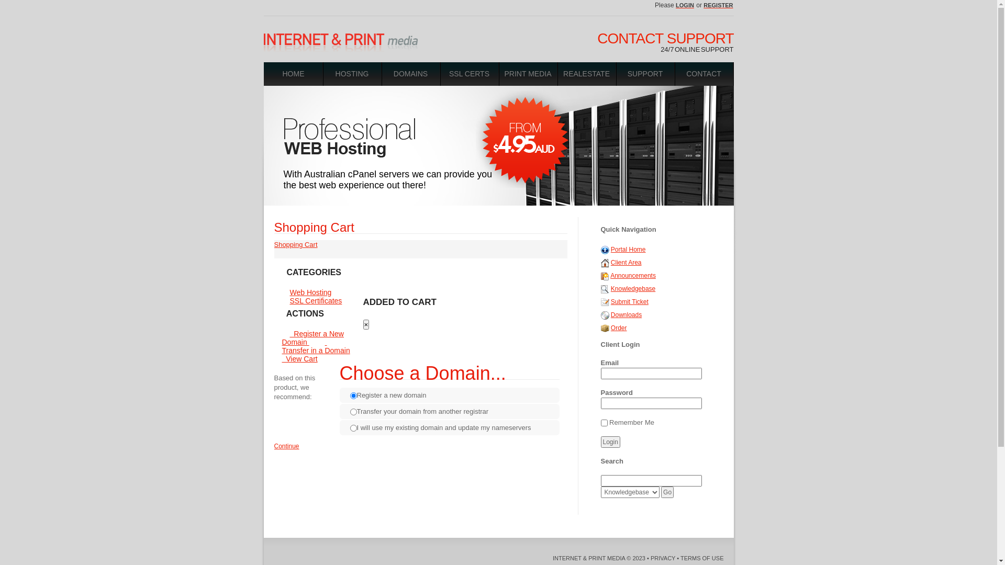 The height and width of the screenshot is (565, 1005). I want to click on 'PRIVACY', so click(662, 558).